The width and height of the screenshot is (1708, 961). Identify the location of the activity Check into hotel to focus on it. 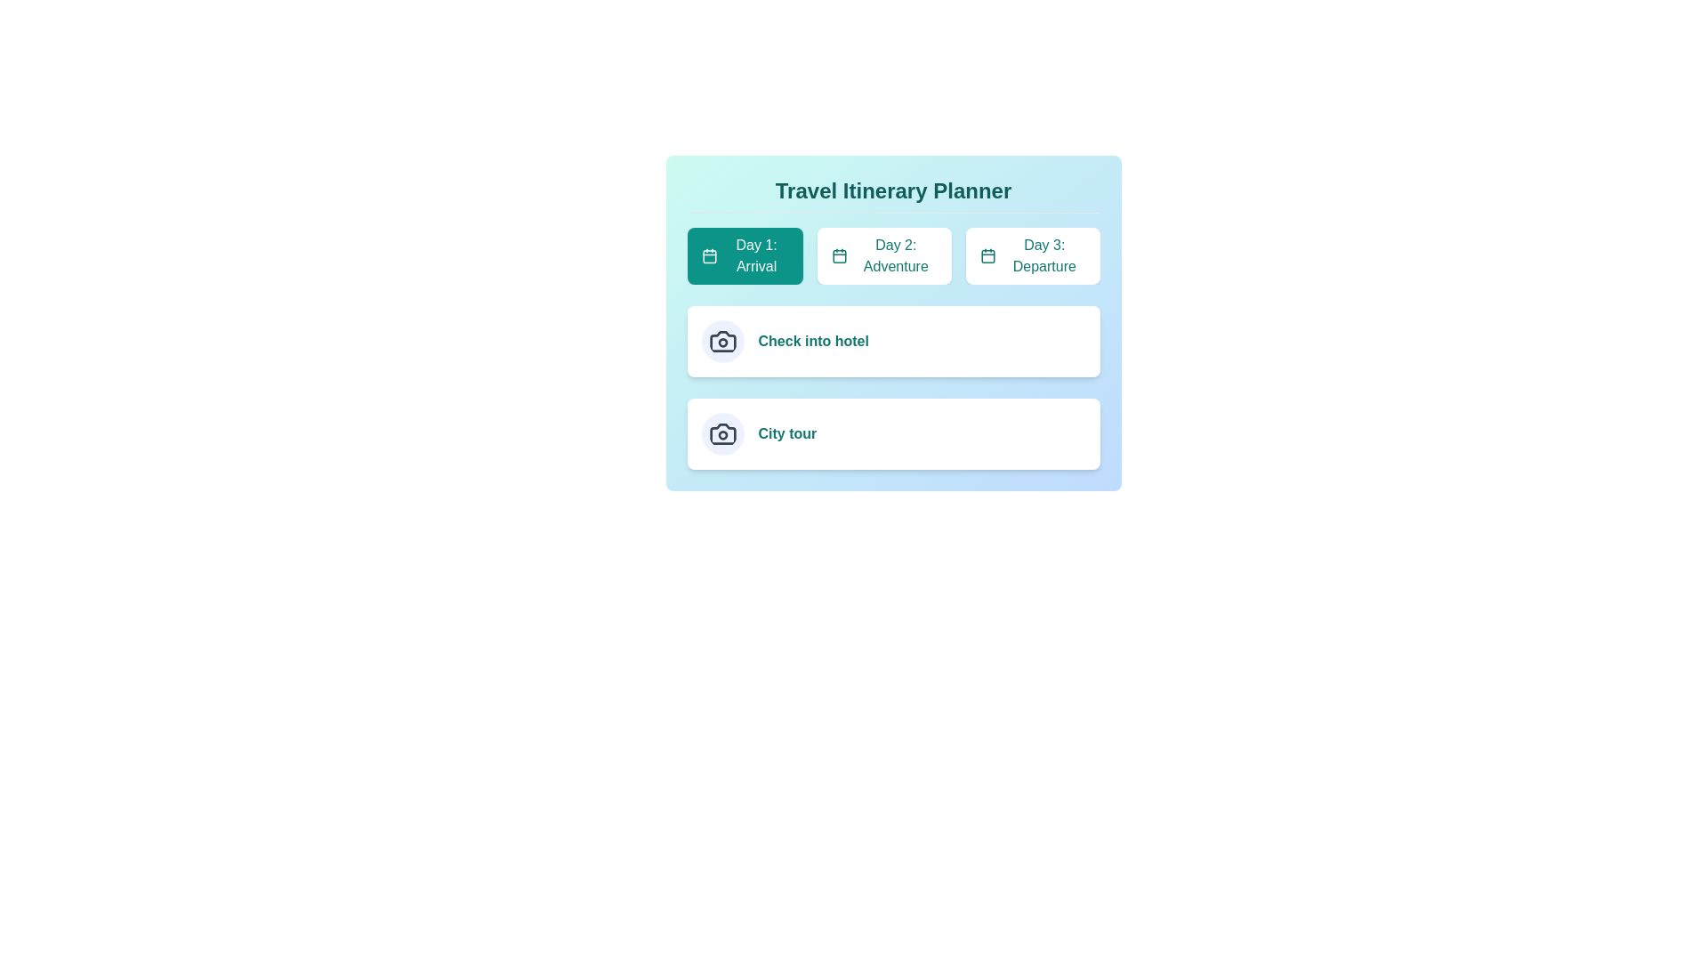
(812, 342).